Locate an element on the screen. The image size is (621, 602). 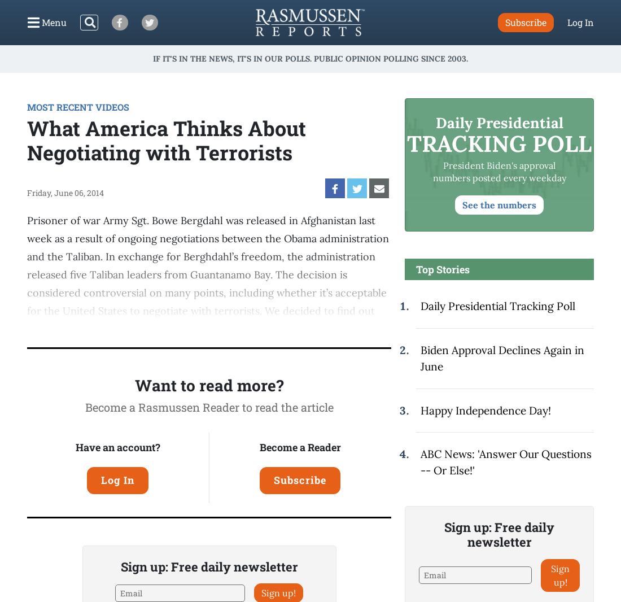
'Have an account?' is located at coordinates (117, 446).